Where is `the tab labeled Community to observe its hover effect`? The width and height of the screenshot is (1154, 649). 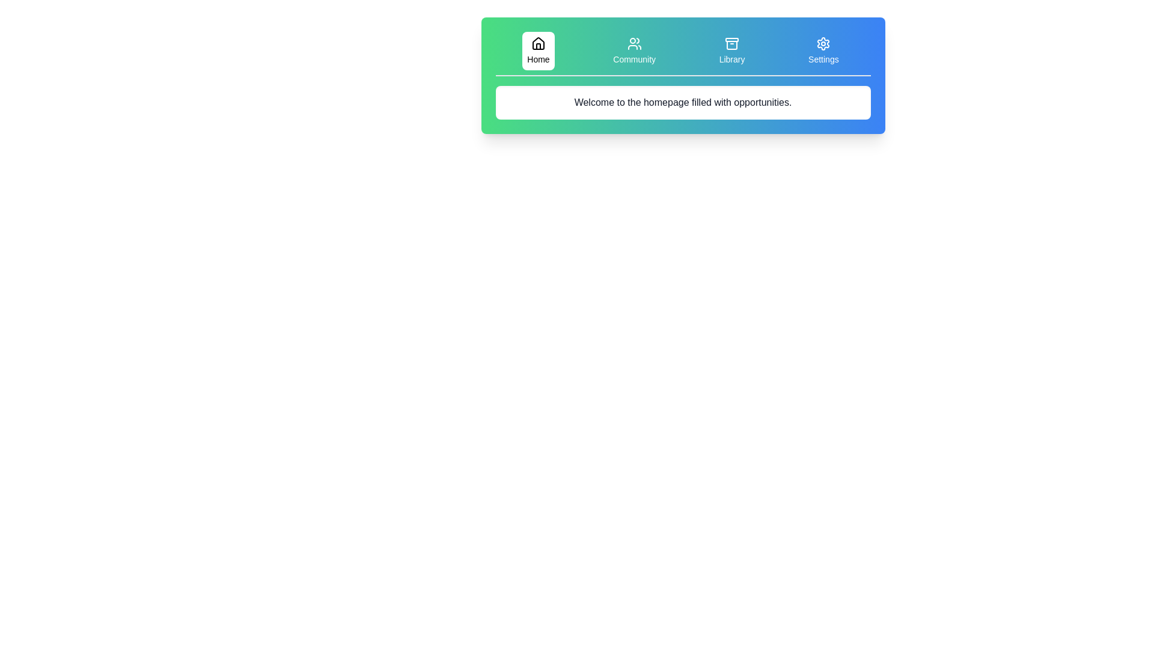
the tab labeled Community to observe its hover effect is located at coordinates (633, 50).